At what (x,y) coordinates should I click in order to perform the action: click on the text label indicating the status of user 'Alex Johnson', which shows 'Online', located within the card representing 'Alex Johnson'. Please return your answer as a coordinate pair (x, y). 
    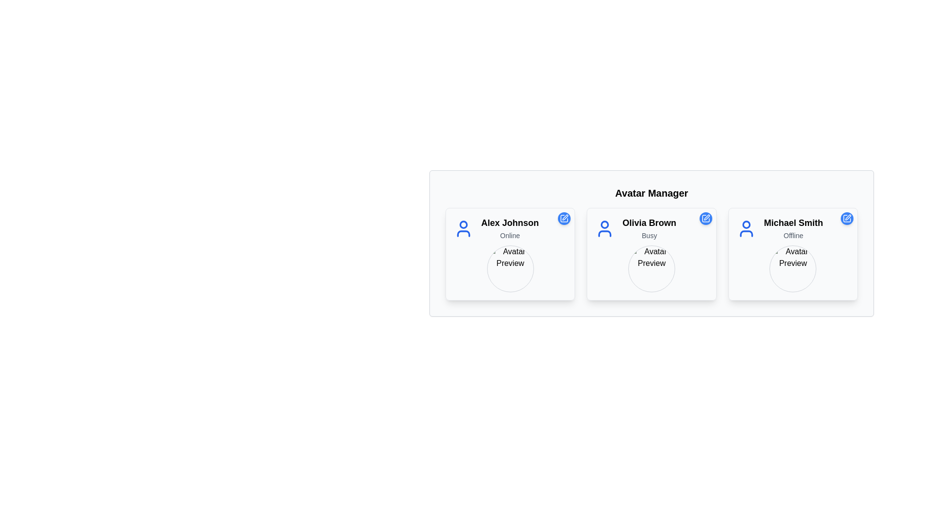
    Looking at the image, I should click on (510, 235).